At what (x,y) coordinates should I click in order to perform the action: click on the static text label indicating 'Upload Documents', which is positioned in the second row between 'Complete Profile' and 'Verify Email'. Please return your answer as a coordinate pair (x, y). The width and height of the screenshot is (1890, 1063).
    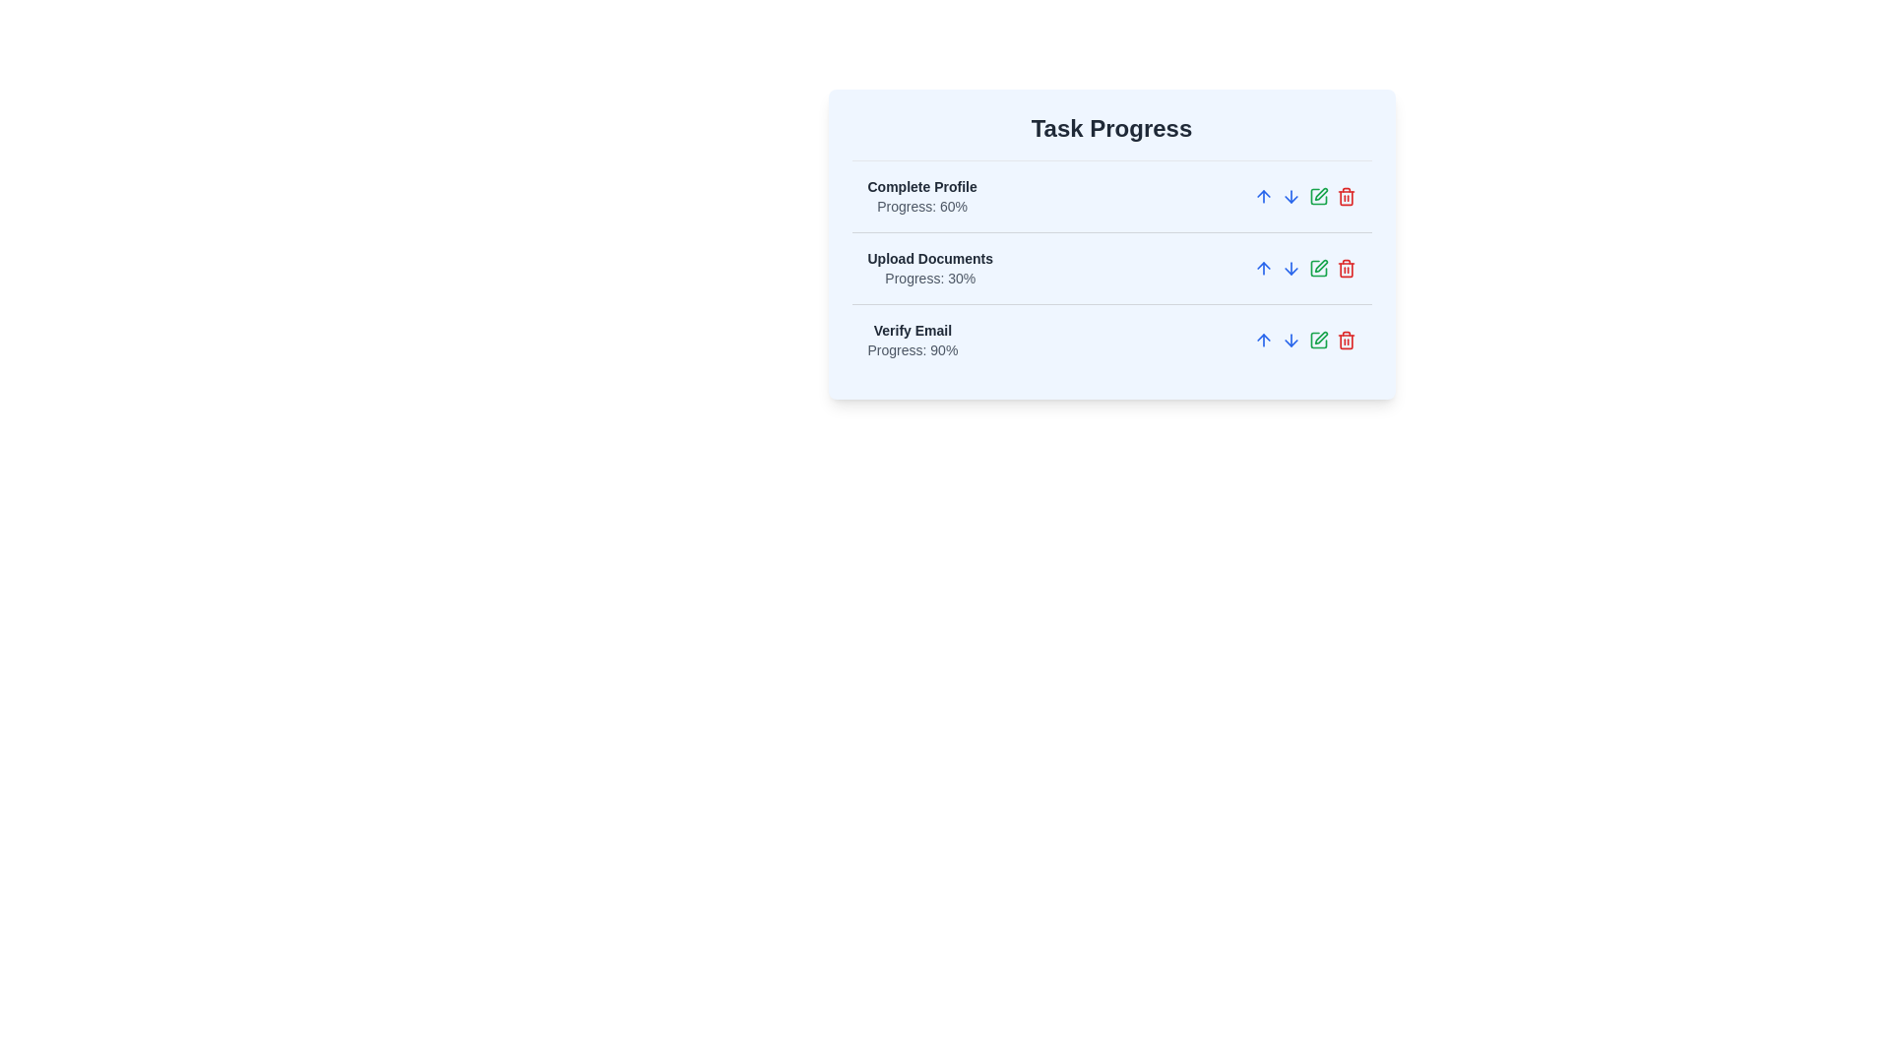
    Looking at the image, I should click on (929, 257).